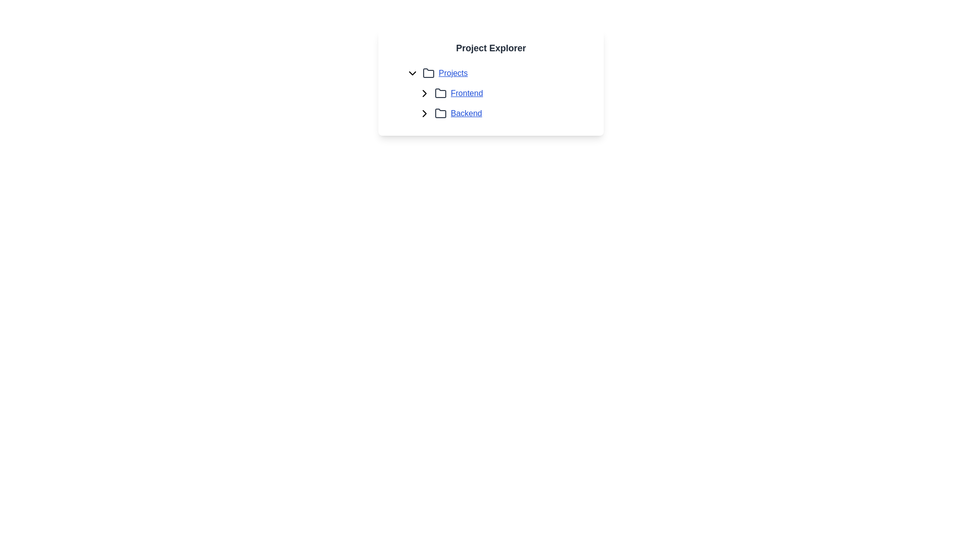 This screenshot has height=543, width=966. What do you see at coordinates (452, 73) in the screenshot?
I see `the clickable text link labeled 'Projects', which is styled with a blue font and underlined` at bounding box center [452, 73].